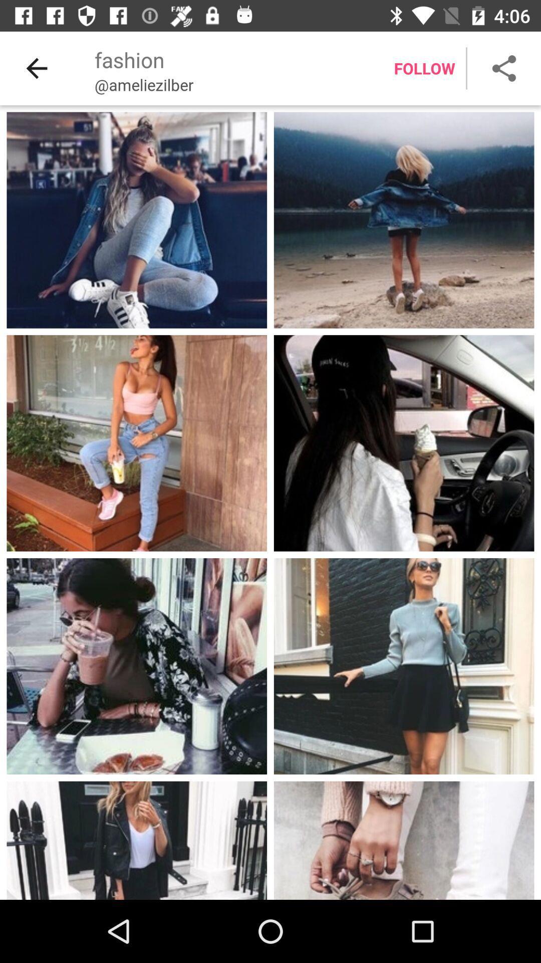 The height and width of the screenshot is (963, 541). What do you see at coordinates (36, 68) in the screenshot?
I see `icon next to fashion icon` at bounding box center [36, 68].